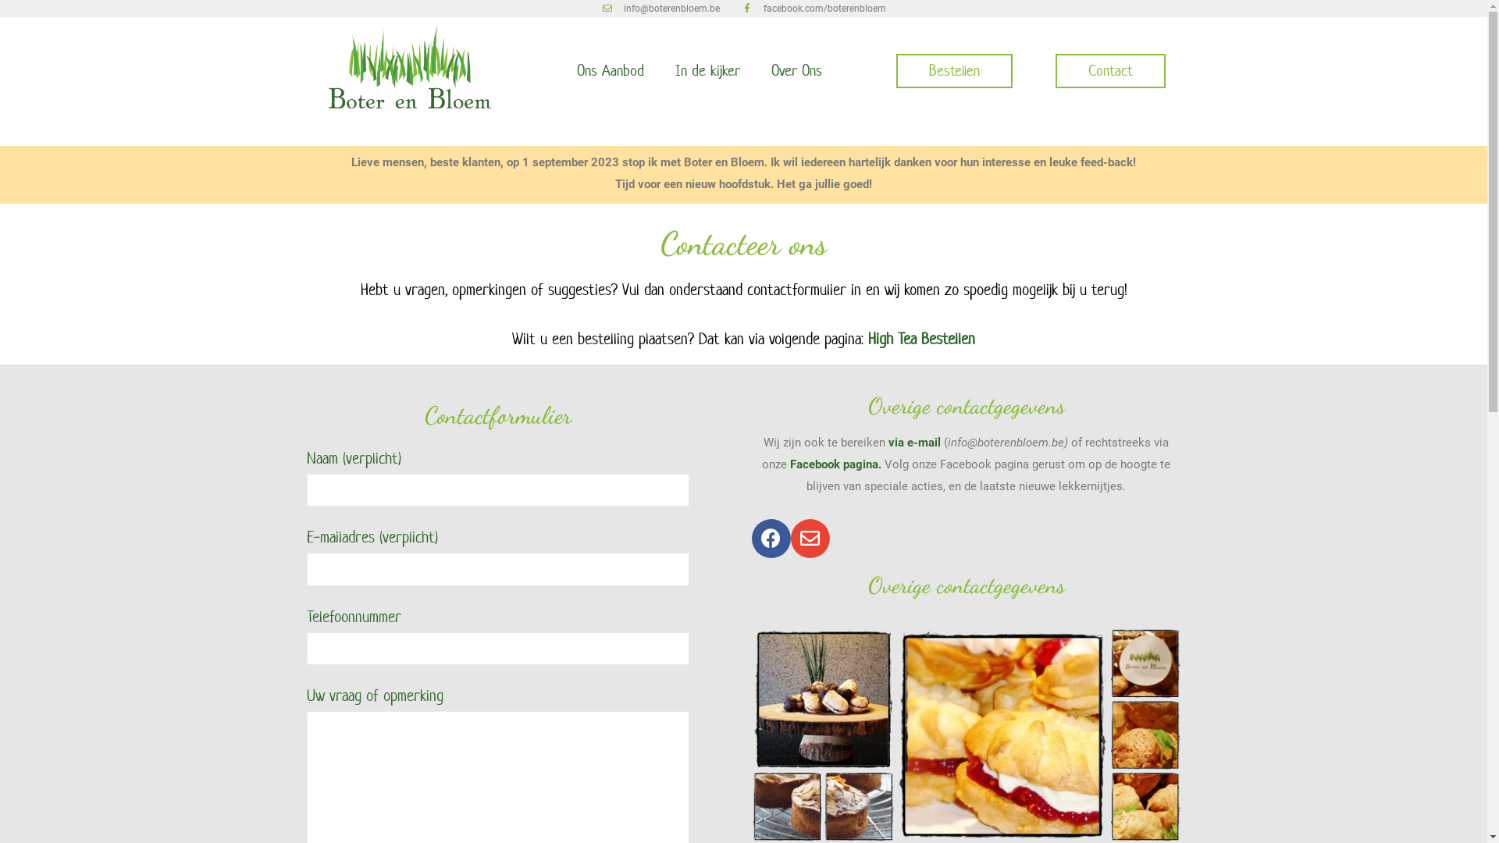 The image size is (1499, 843). I want to click on 'via e-mail', so click(914, 443).